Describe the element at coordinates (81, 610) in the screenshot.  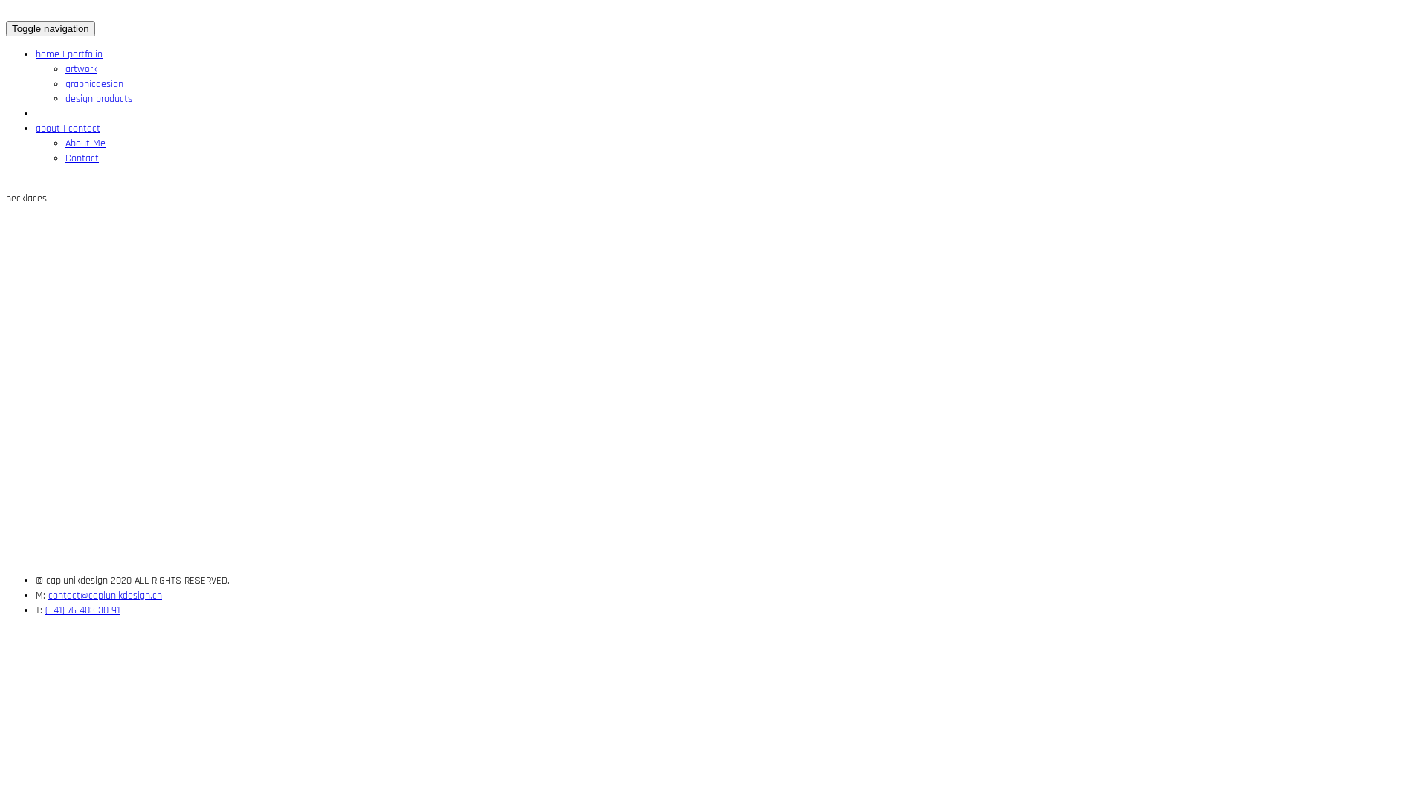
I see `'(+41) 76 403 30 91'` at that location.